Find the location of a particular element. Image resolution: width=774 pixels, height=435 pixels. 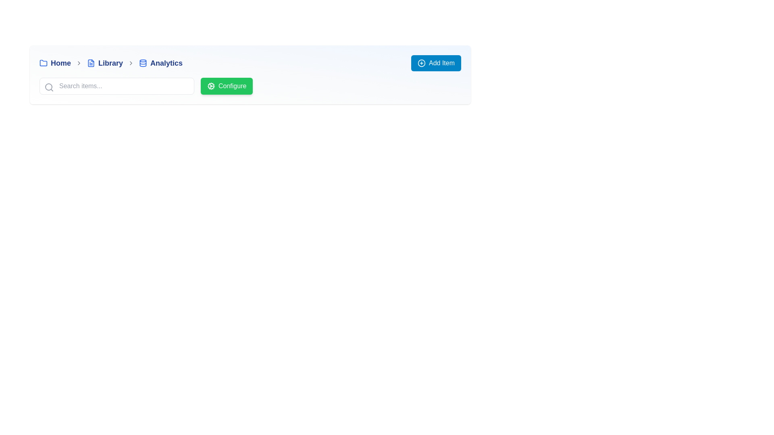

the decorative circle in the icon located centrally within the icon design, positioned to the left of the blue 'Add Item' button is located at coordinates (421, 63).